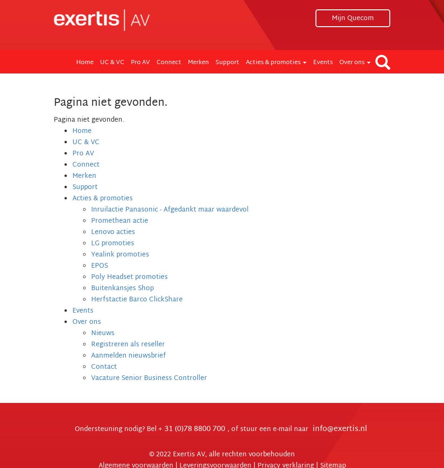 The width and height of the screenshot is (444, 468). Describe the element at coordinates (118, 429) in the screenshot. I see `'Ondersteuning nodig? Bel +'` at that location.